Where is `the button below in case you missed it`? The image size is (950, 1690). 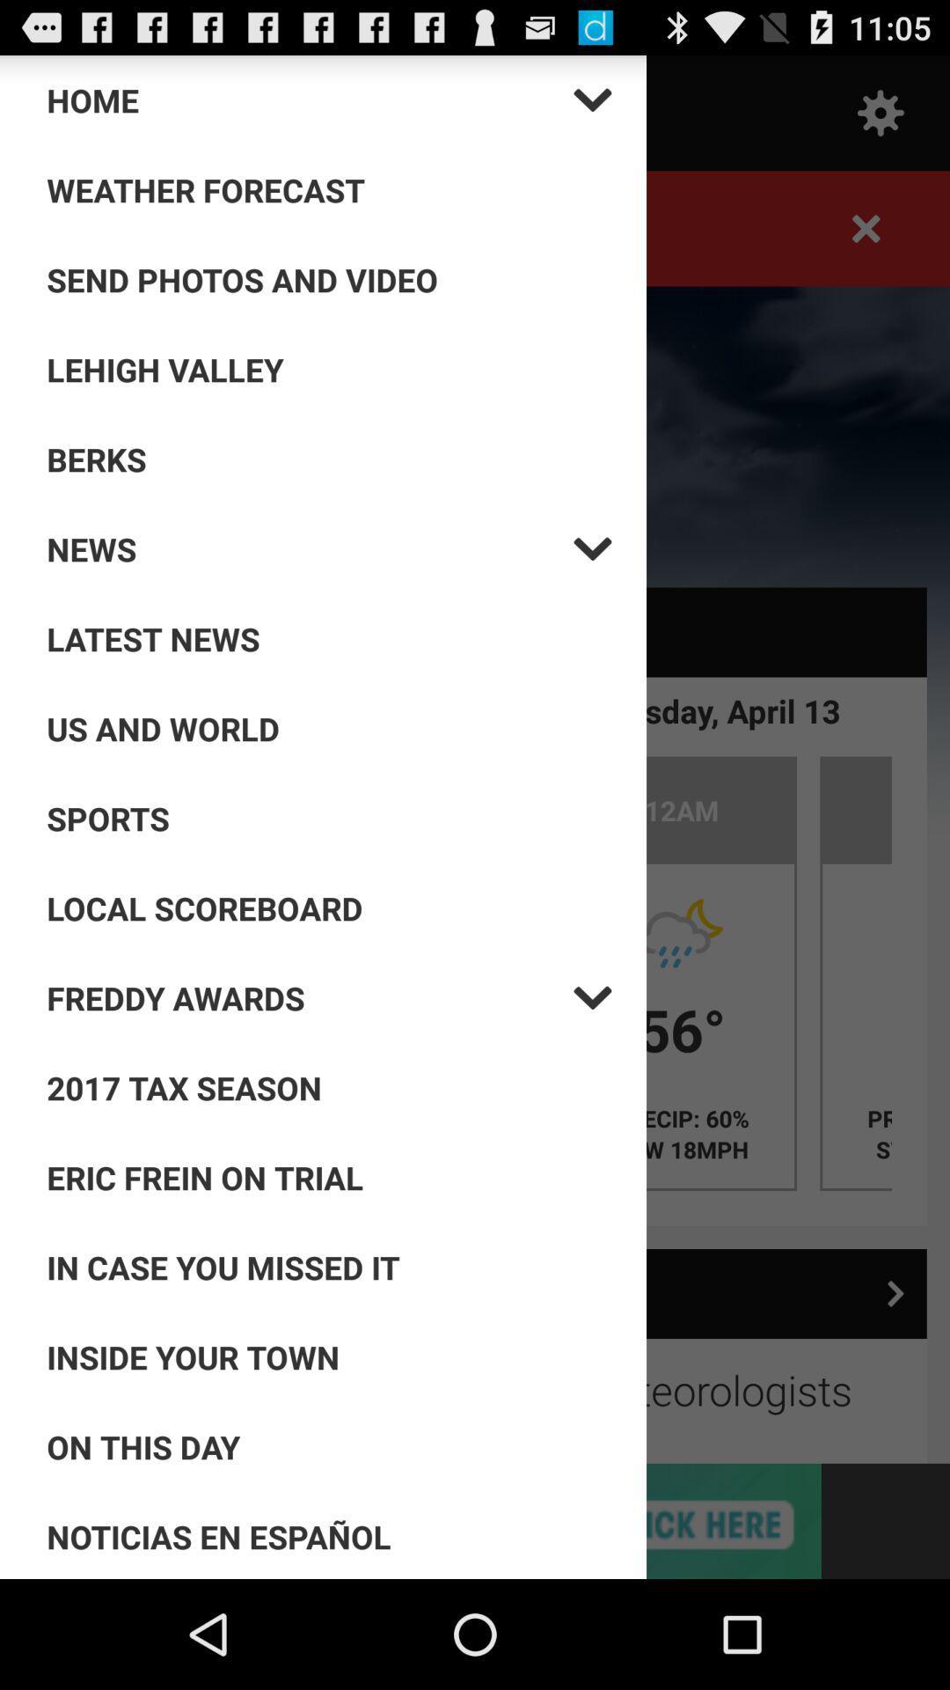
the button below in case you missed it is located at coordinates (329, 1356).